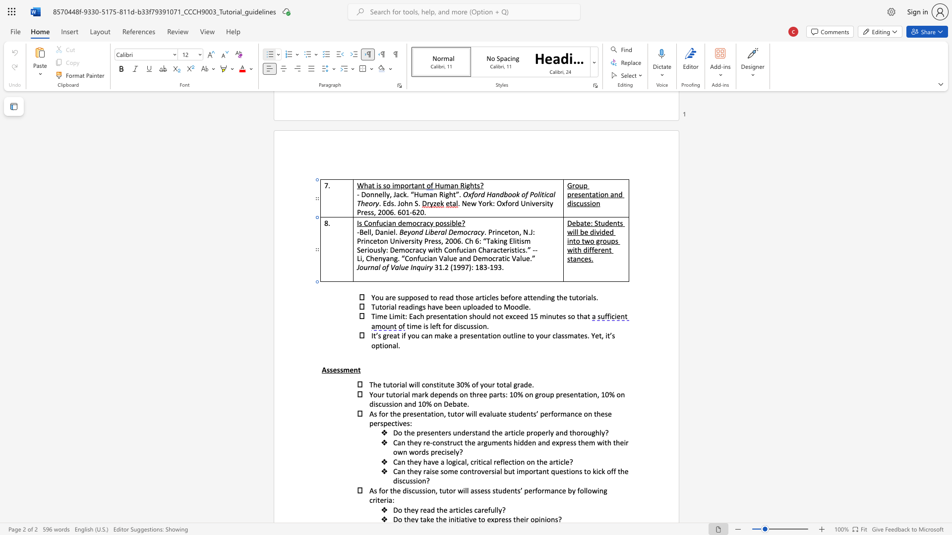 This screenshot has width=952, height=535. Describe the element at coordinates (605, 413) in the screenshot. I see `the 5th character "s" in the text` at that location.